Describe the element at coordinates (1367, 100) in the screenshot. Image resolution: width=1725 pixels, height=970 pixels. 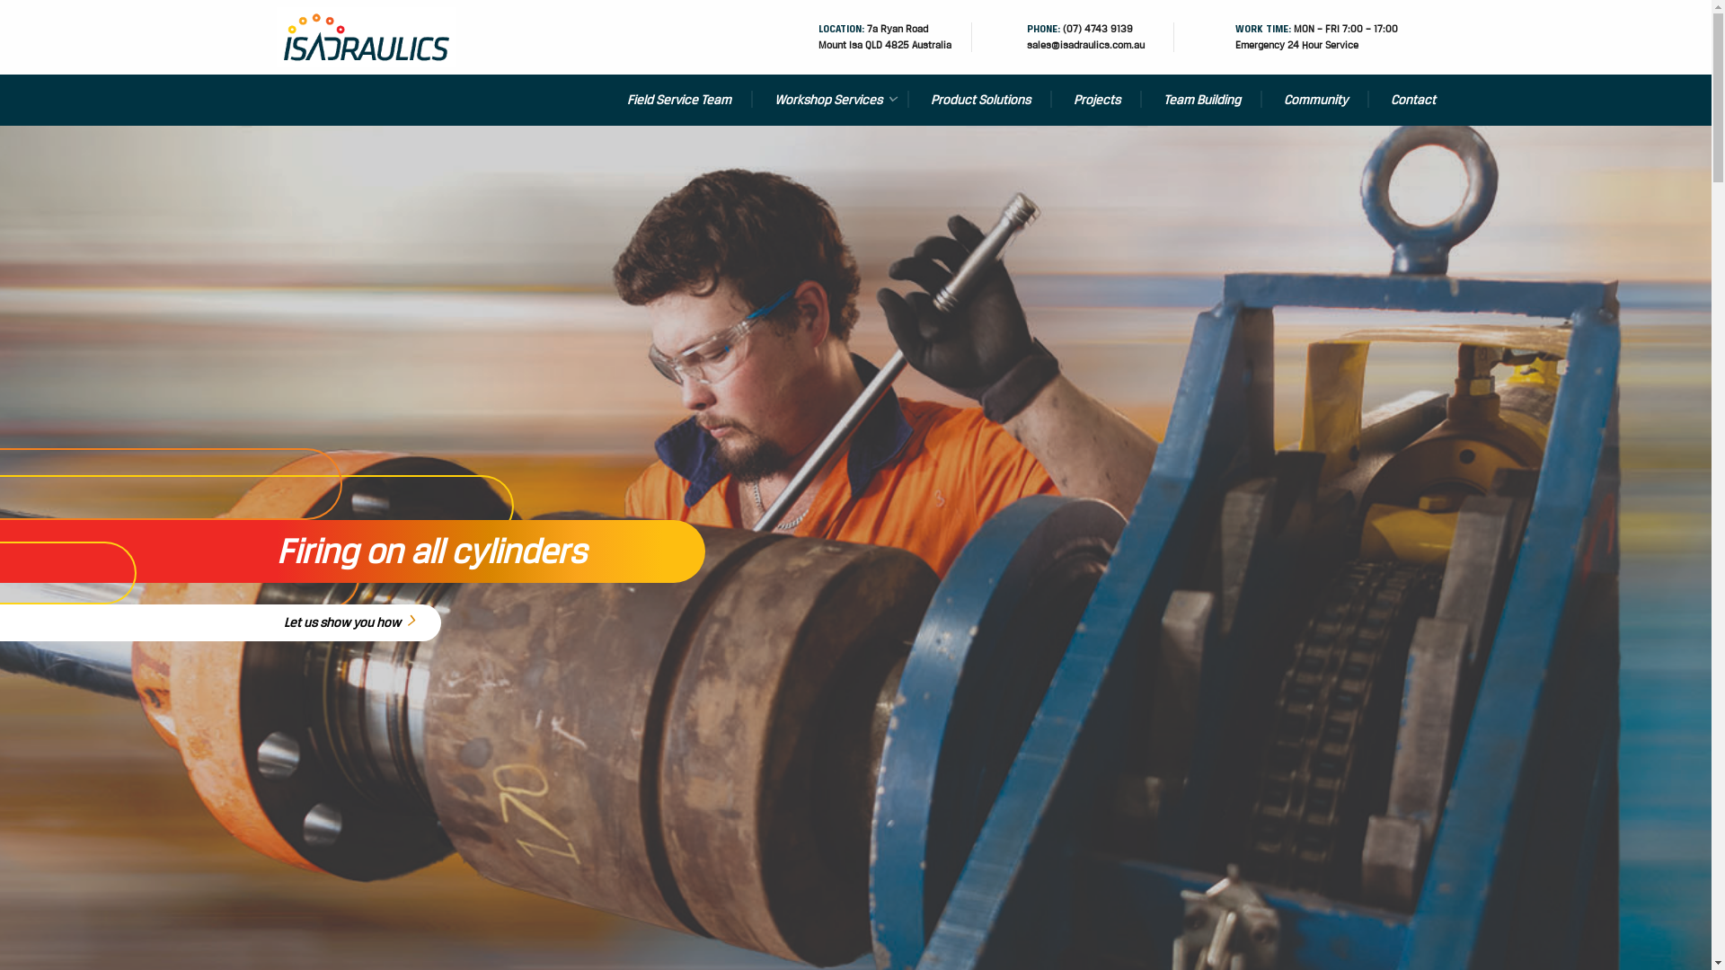
I see `'Contact'` at that location.